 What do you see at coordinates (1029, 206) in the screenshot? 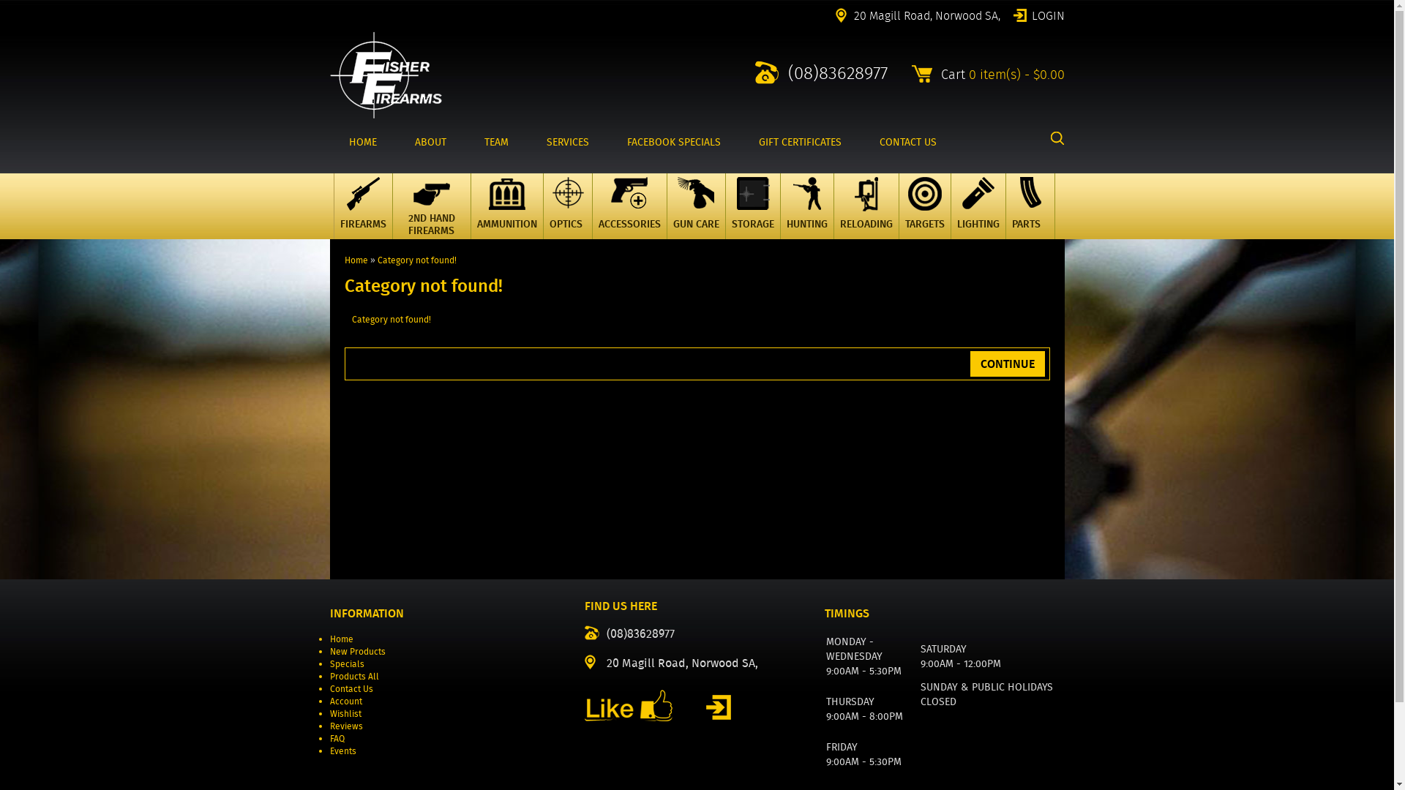
I see `'PARTS'` at bounding box center [1029, 206].